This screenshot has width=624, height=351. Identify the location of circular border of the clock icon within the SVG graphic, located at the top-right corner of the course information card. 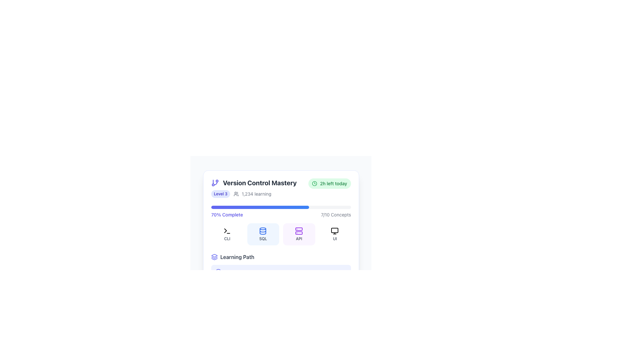
(315, 183).